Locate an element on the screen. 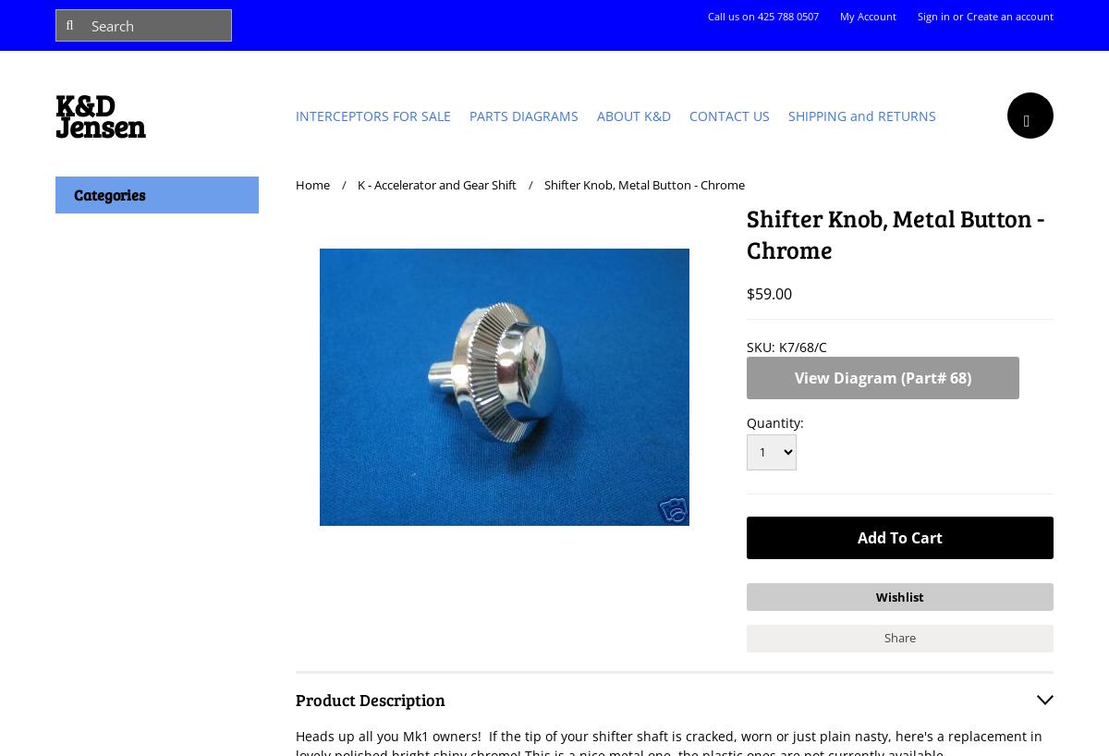 Image resolution: width=1109 pixels, height=756 pixels. 'Home' is located at coordinates (312, 184).